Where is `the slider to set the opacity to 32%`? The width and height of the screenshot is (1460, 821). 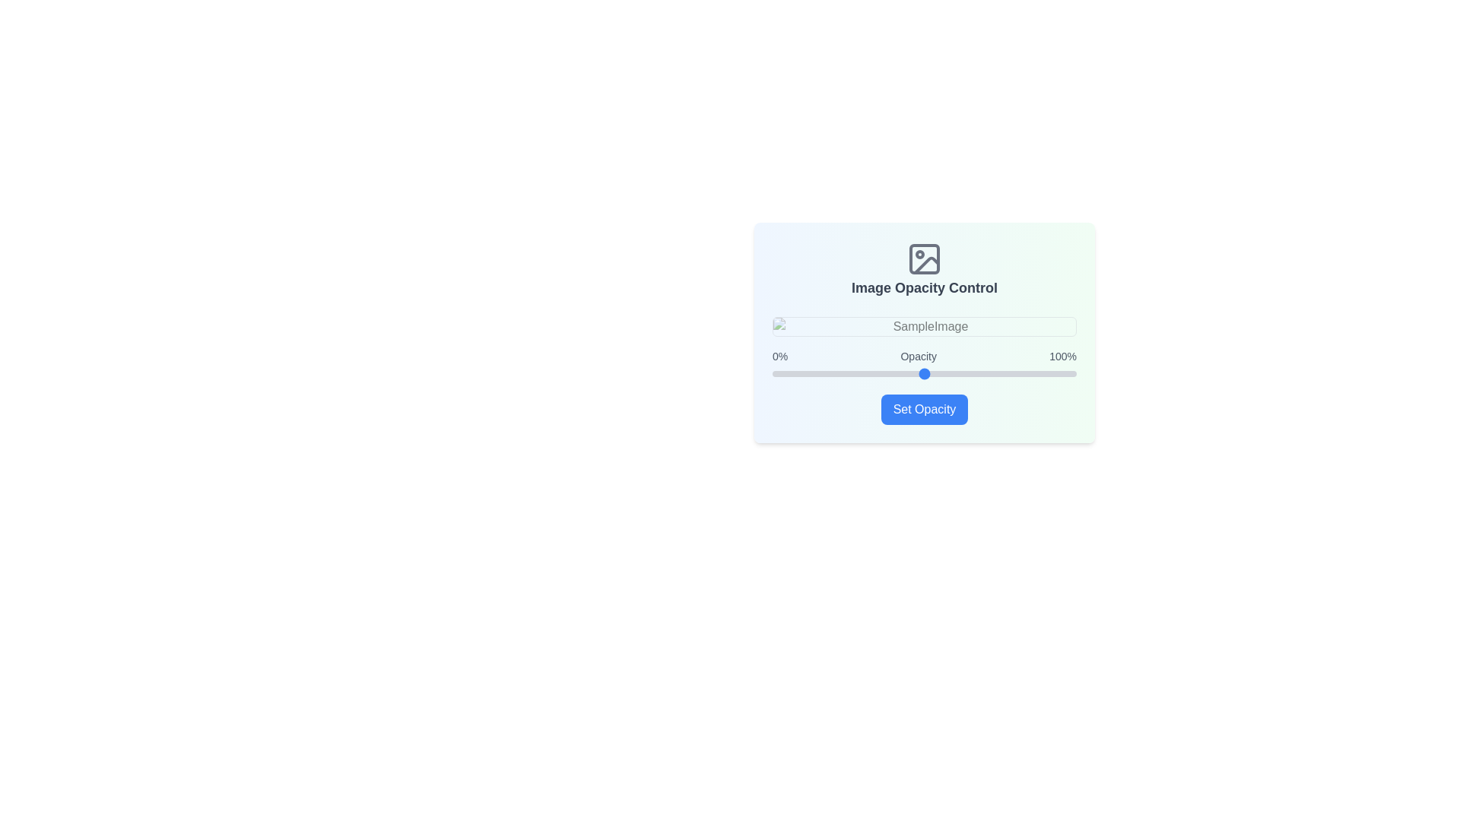
the slider to set the opacity to 32% is located at coordinates (869, 374).